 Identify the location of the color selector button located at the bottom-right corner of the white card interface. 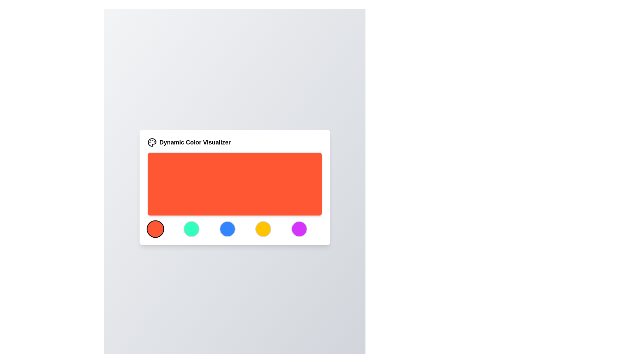
(299, 229).